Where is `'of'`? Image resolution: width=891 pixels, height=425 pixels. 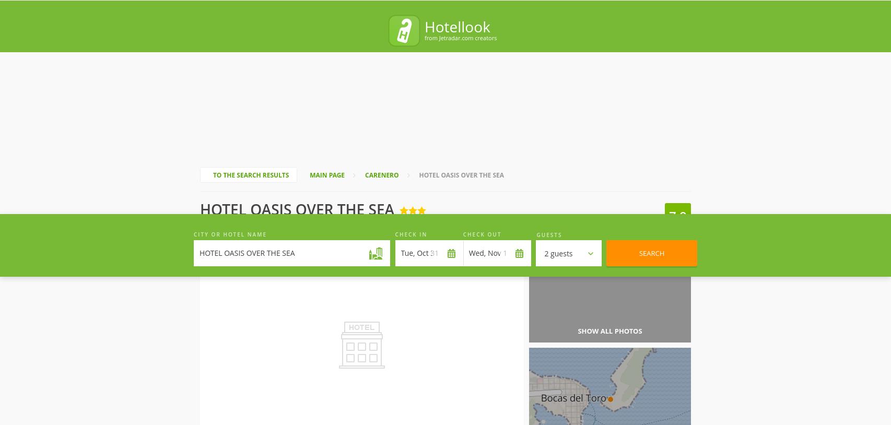 'of' is located at coordinates (359, 223).